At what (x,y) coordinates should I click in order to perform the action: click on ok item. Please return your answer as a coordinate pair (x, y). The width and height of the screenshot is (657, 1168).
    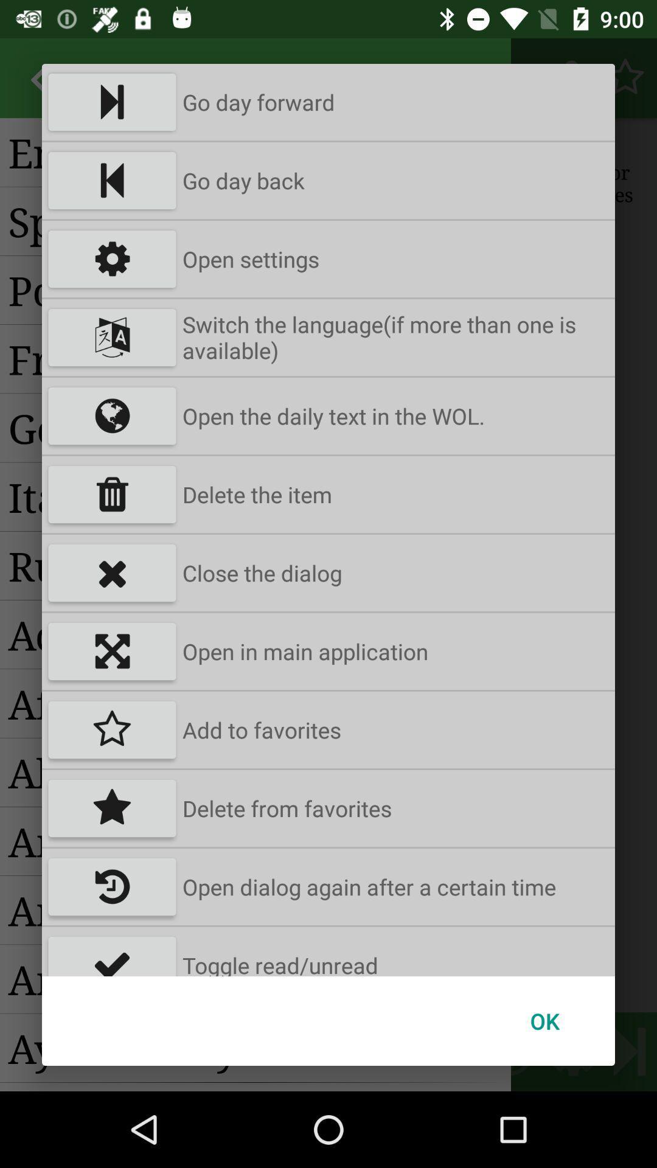
    Looking at the image, I should click on (544, 1021).